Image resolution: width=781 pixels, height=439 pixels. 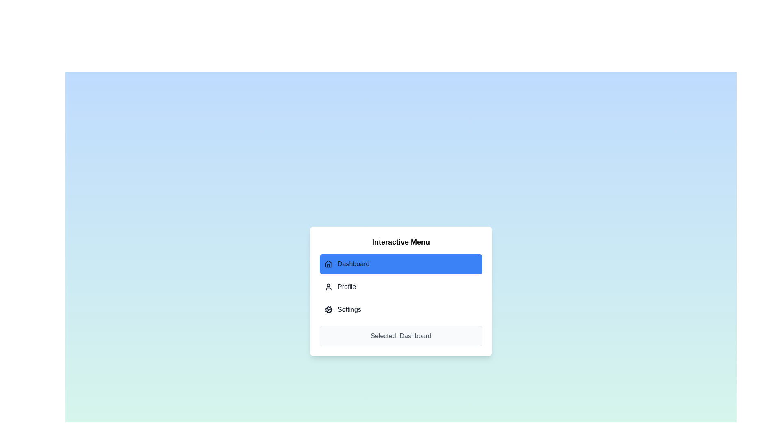 What do you see at coordinates (401, 310) in the screenshot?
I see `the tab labeled Settings to observe the visual feedback` at bounding box center [401, 310].